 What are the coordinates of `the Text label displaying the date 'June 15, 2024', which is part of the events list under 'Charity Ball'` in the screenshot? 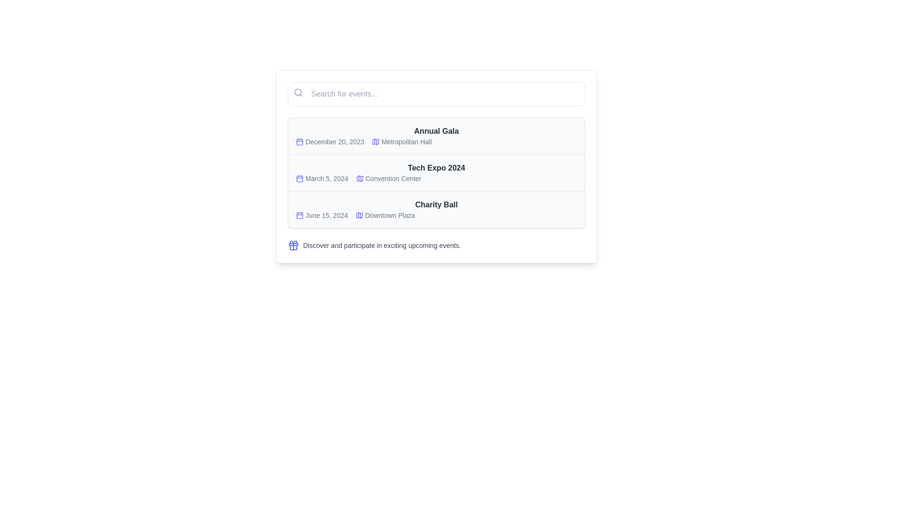 It's located at (327, 215).